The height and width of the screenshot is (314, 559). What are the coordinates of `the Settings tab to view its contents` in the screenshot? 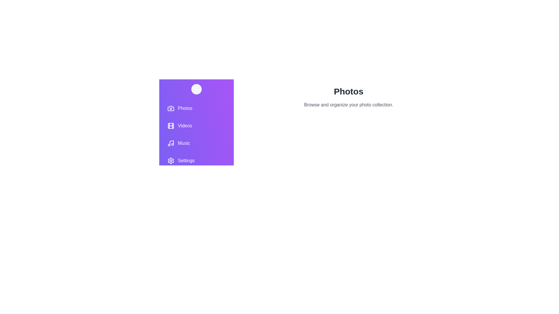 It's located at (197, 160).